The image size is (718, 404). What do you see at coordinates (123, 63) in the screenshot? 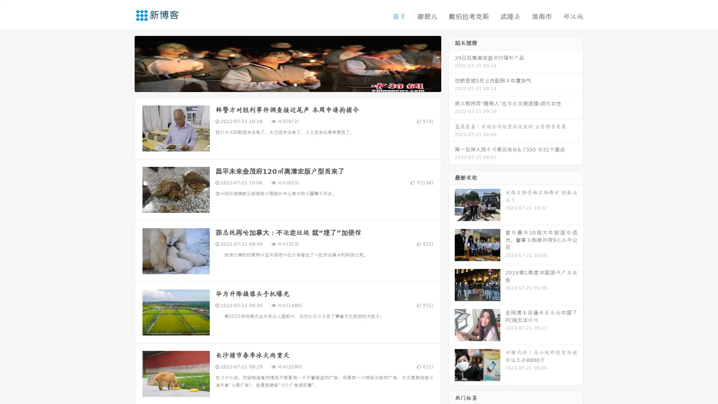
I see `Previous slide` at bounding box center [123, 63].